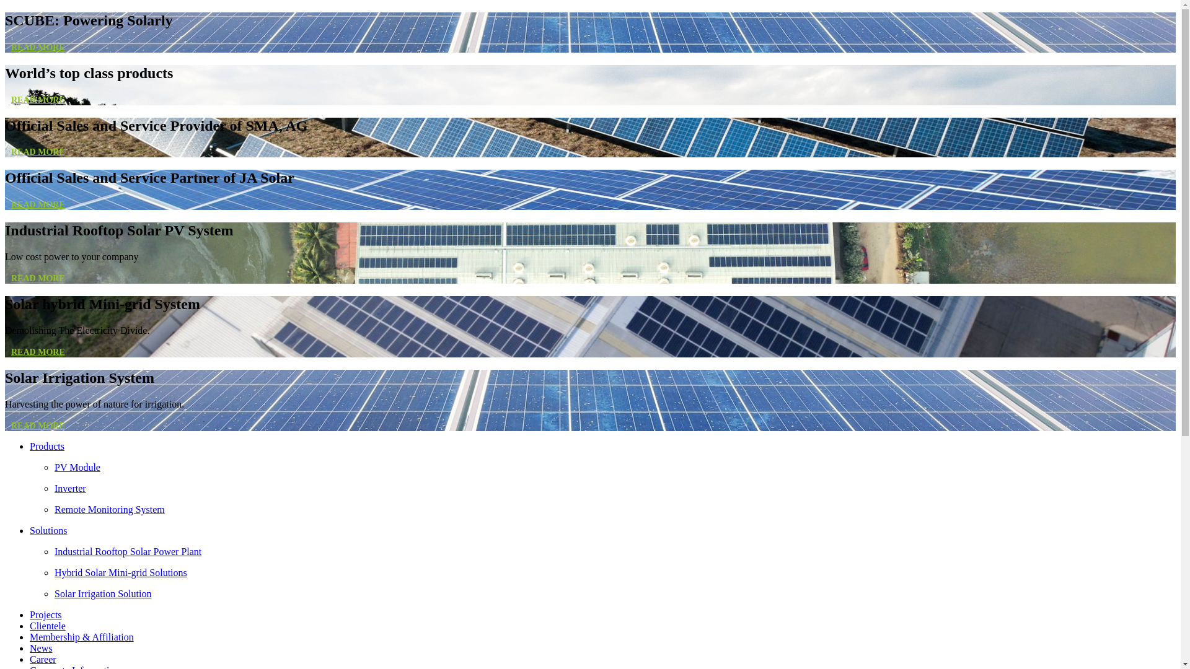 This screenshot has height=669, width=1190. Describe the element at coordinates (38, 425) in the screenshot. I see `'READ MORE'` at that location.